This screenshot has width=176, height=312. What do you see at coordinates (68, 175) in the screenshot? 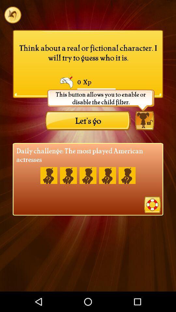
I see `the second image from the daily challenge` at bounding box center [68, 175].